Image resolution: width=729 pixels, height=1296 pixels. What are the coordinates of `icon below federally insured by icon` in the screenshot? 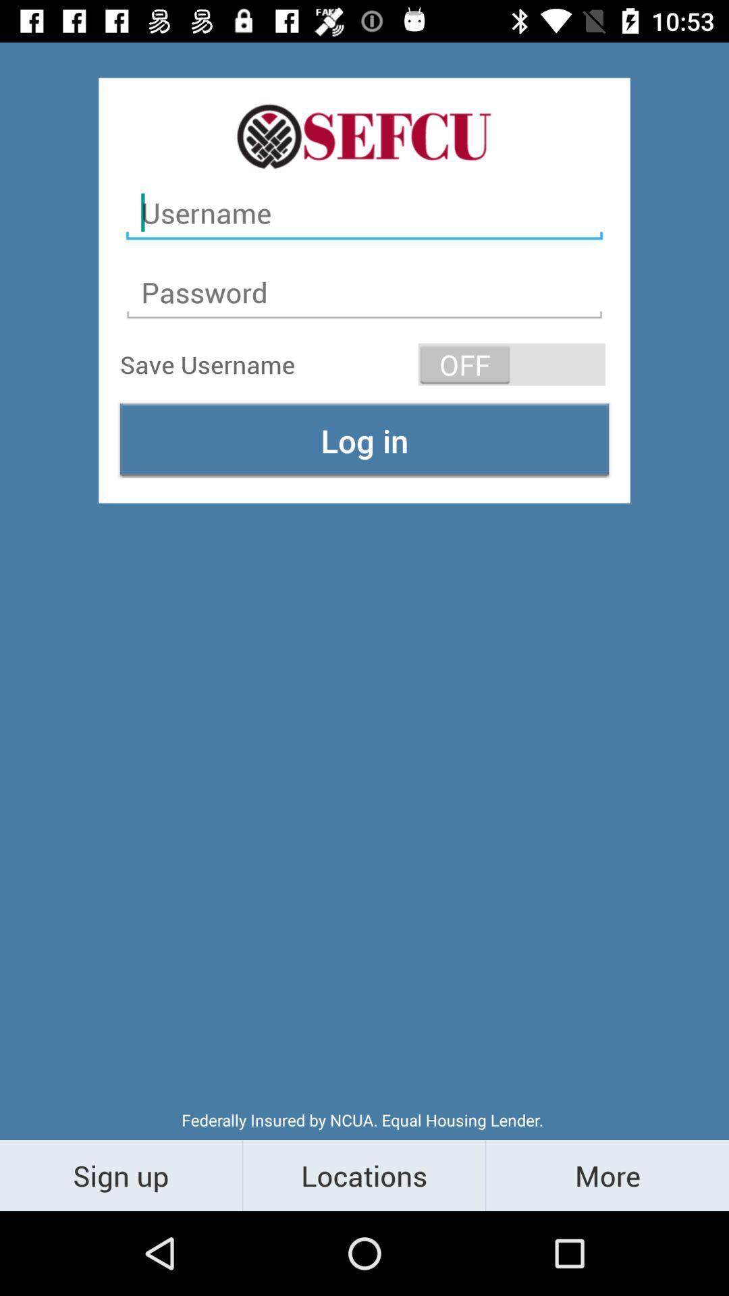 It's located at (606, 1174).